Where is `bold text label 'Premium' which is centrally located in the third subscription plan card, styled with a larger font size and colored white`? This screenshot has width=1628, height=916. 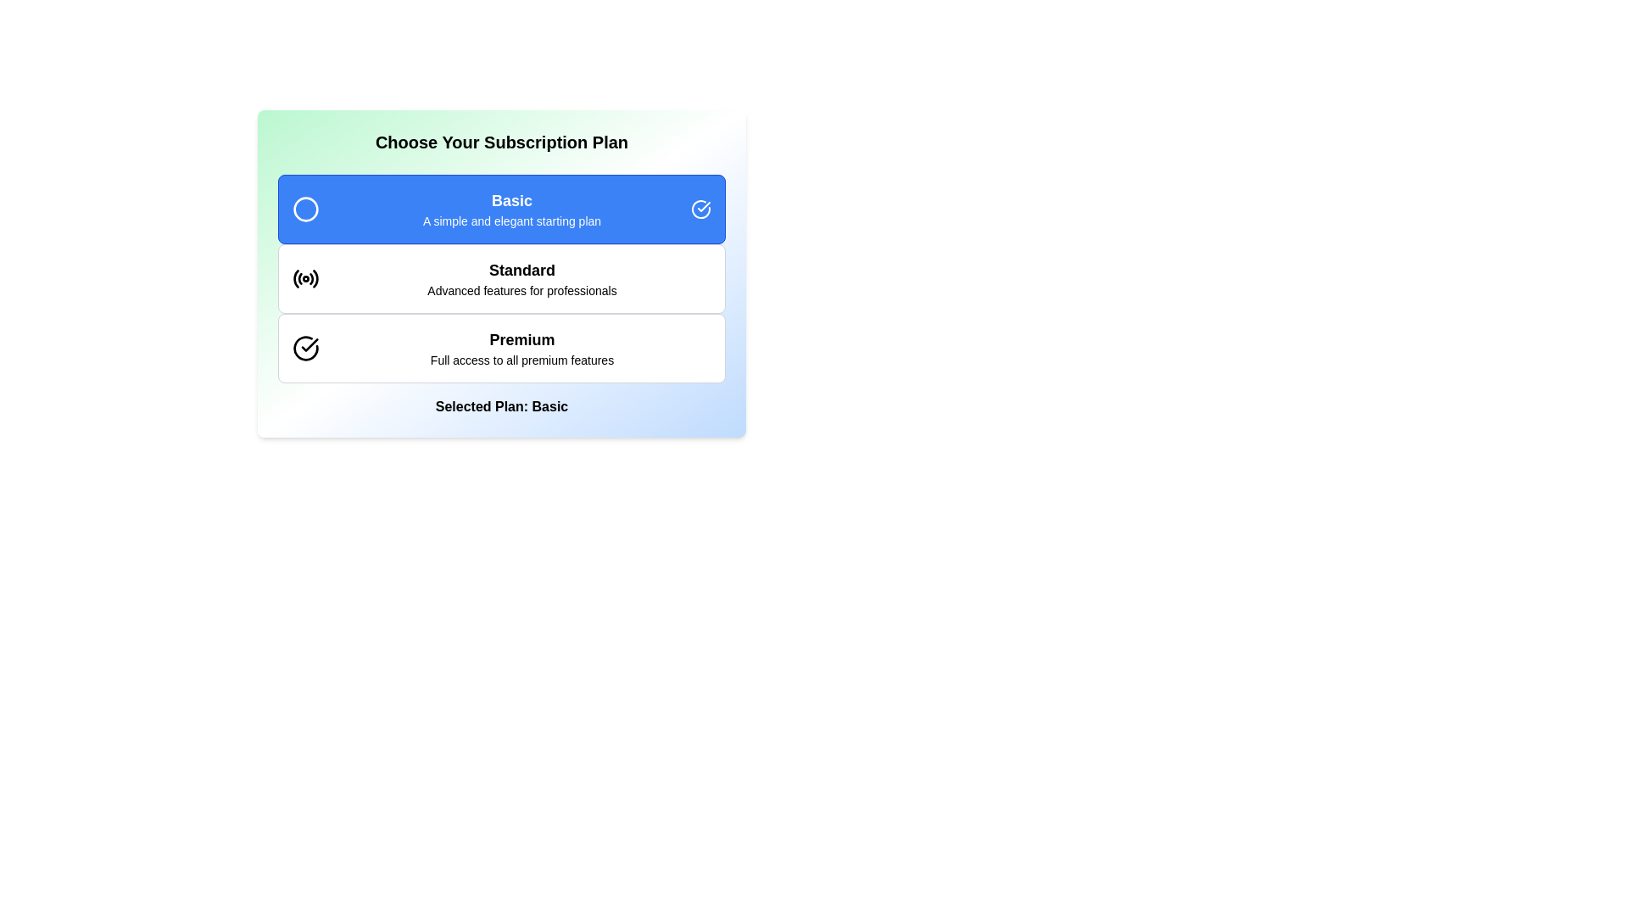 bold text label 'Premium' which is centrally located in the third subscription plan card, styled with a larger font size and colored white is located at coordinates (521, 340).